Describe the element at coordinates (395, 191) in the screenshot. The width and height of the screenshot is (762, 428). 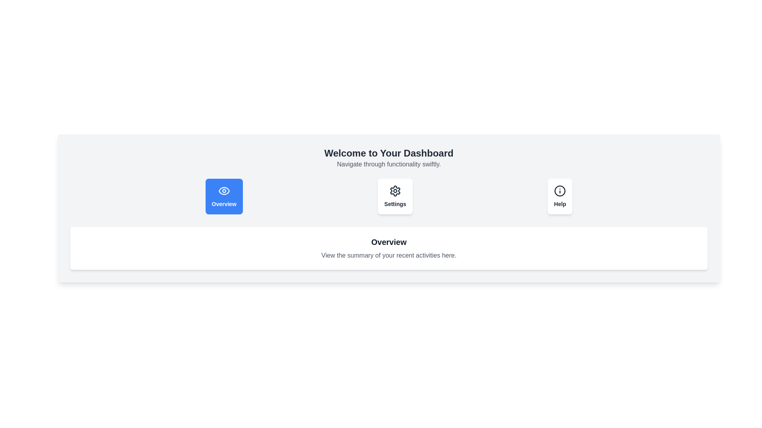
I see `the gear-shaped settings icon located at the center of the interface, beneath the title 'Welcome to Your Dashboard' and above the label 'Overview' to interact with or navigate to settings` at that location.